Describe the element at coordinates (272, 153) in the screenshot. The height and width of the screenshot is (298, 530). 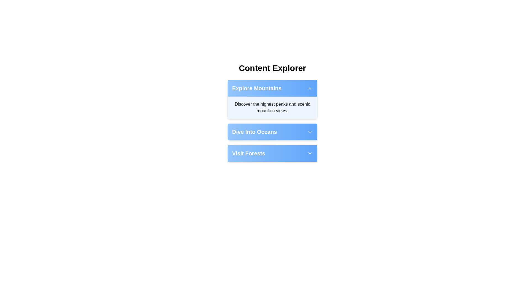
I see `the forest exploration button located at the bottom of the vertical stack of buttons` at that location.